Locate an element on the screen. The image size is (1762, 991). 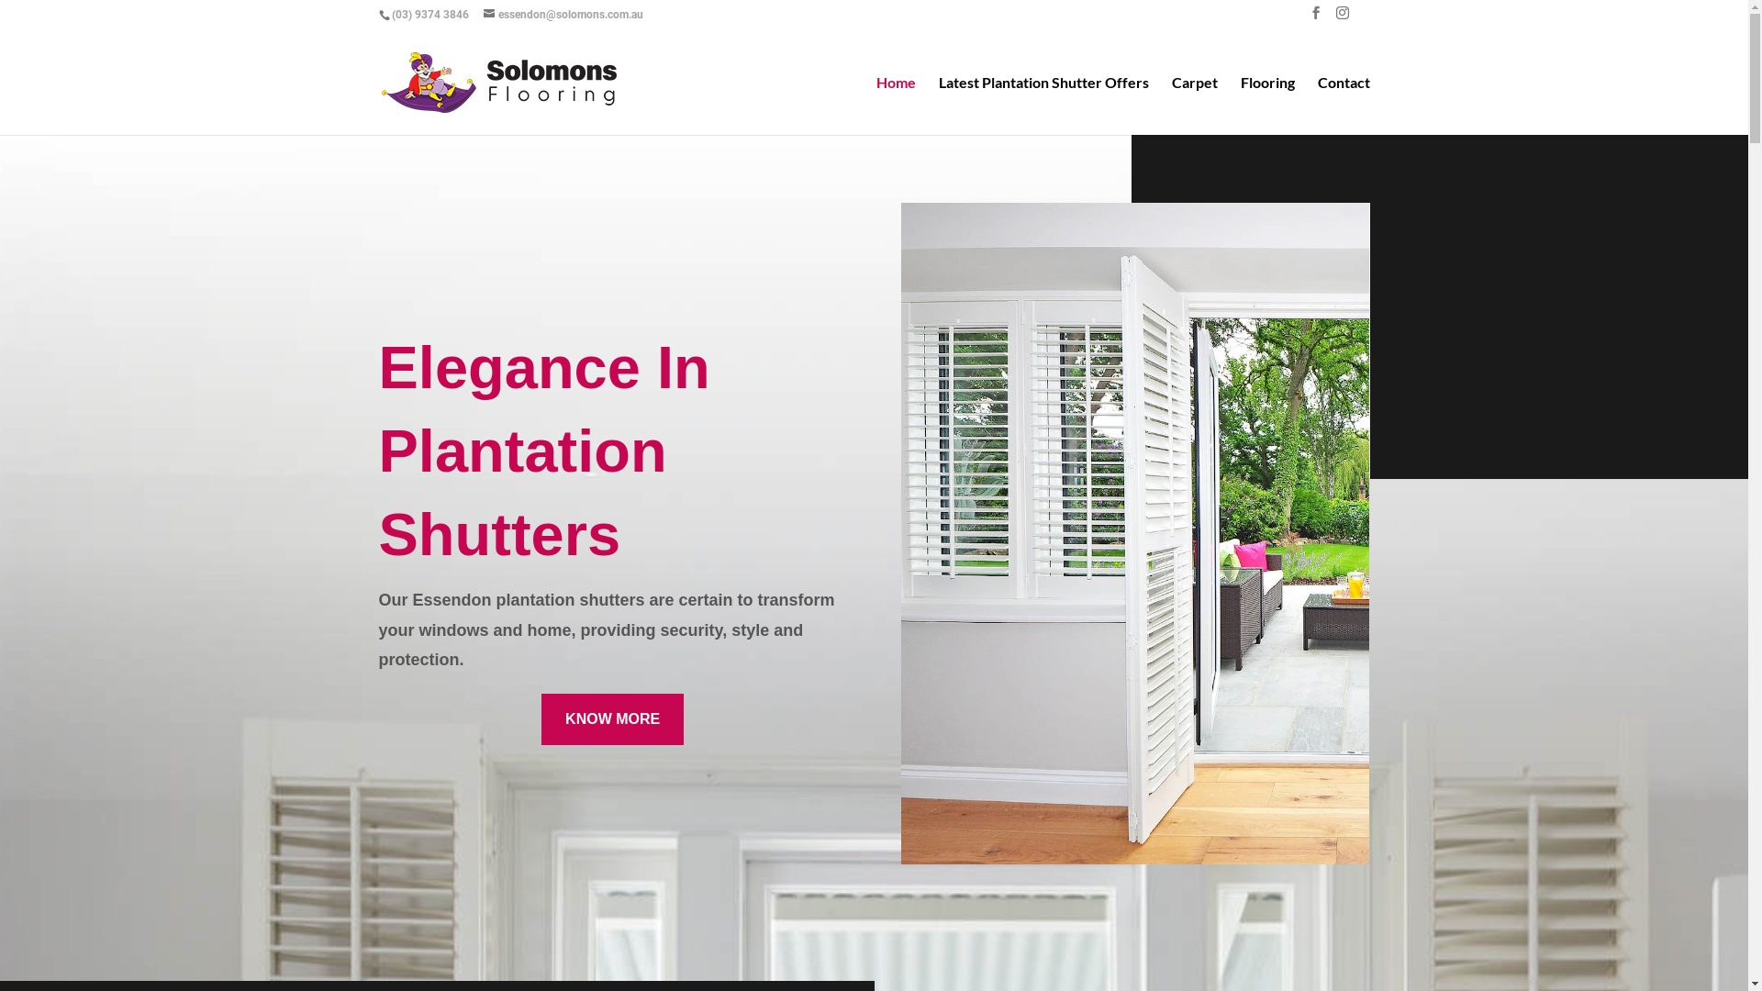
'Essendon Plantation Shutters' is located at coordinates (901, 533).